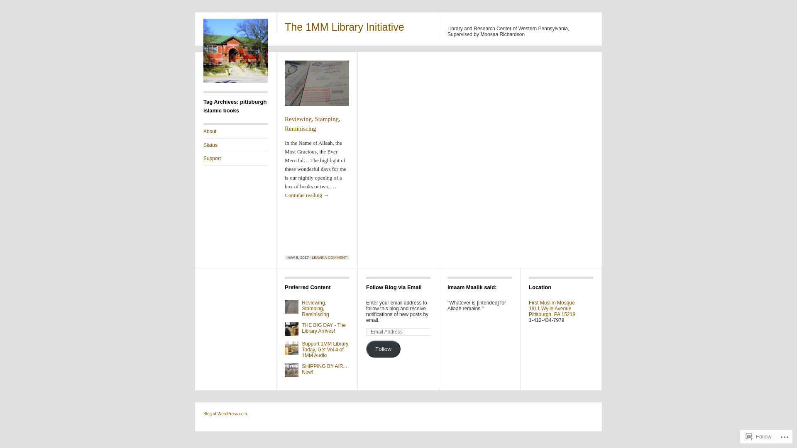  Describe the element at coordinates (301, 350) in the screenshot. I see `'Support 1MM Library Today, Get Vol.4 of 1MM Audio'` at that location.